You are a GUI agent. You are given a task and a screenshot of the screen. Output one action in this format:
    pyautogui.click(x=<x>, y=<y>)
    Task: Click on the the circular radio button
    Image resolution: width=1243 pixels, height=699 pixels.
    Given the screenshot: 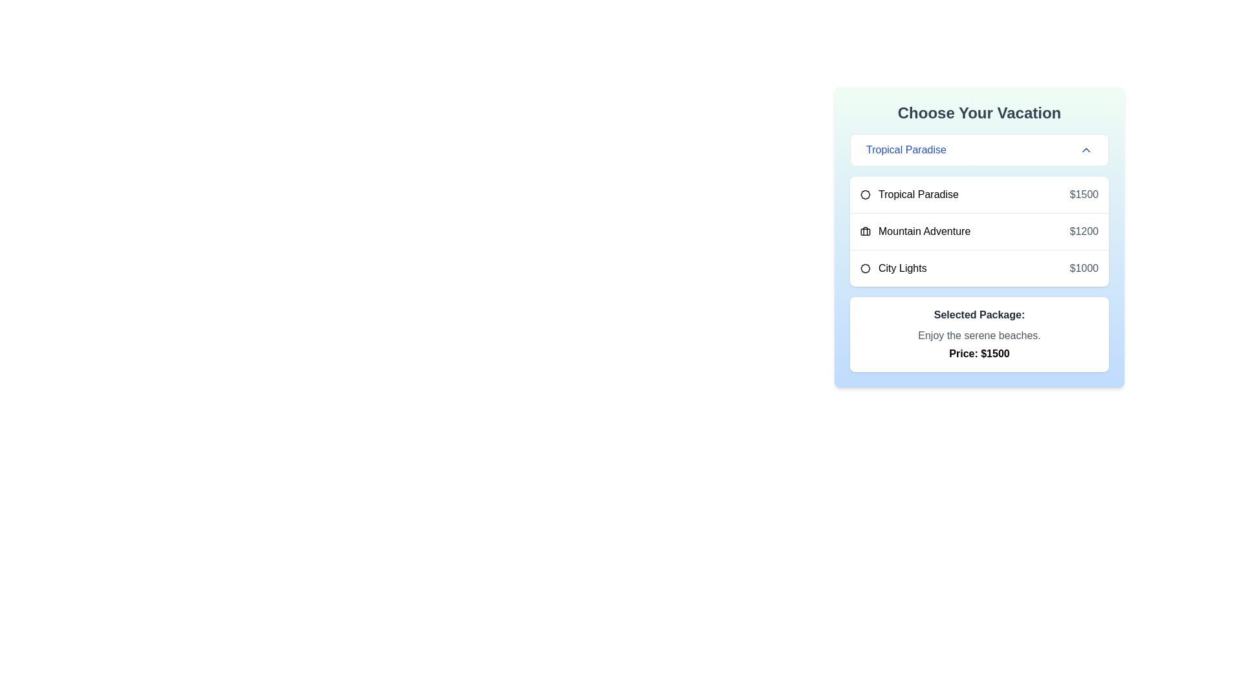 What is the action you would take?
    pyautogui.click(x=979, y=267)
    